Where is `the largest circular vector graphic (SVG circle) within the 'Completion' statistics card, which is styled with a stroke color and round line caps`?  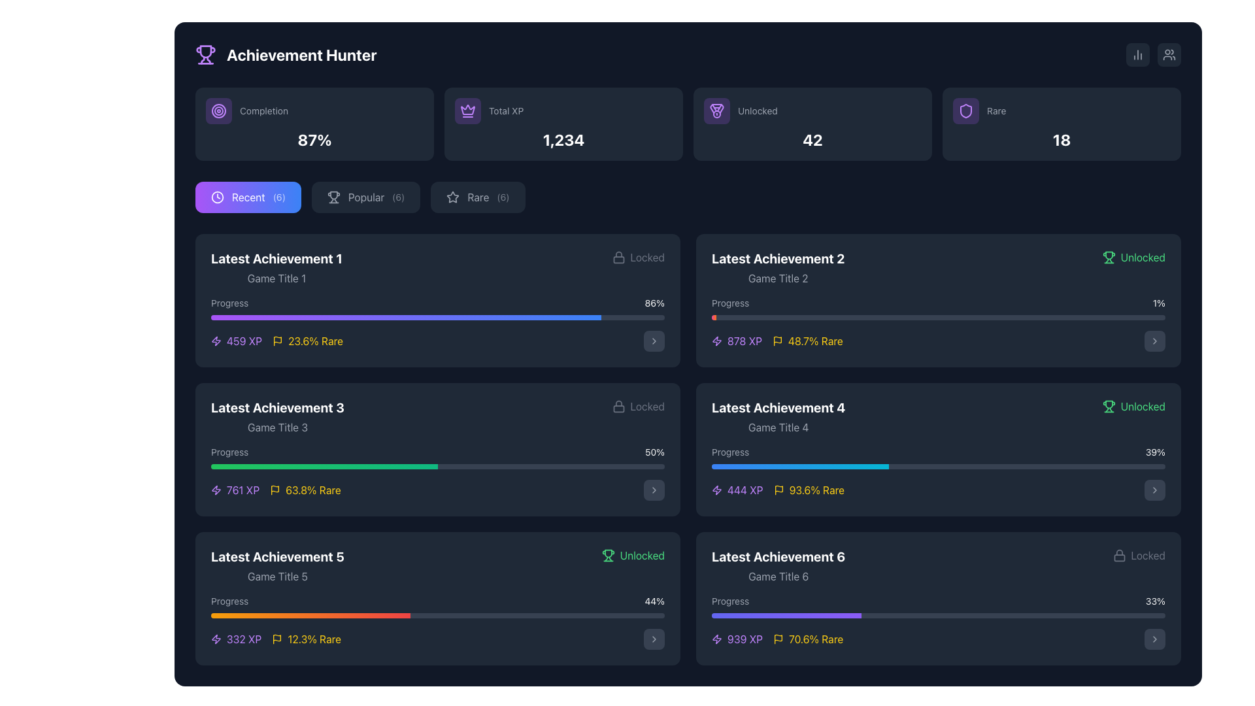 the largest circular vector graphic (SVG circle) within the 'Completion' statistics card, which is styled with a stroke color and round line caps is located at coordinates (219, 110).